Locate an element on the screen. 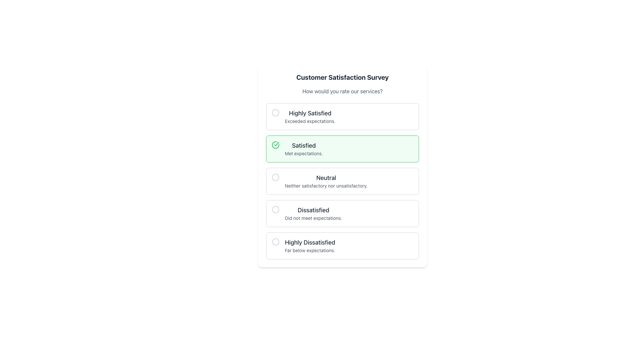 This screenshot has width=633, height=356. the segmented vertical radio group option in the Customer Satisfaction Survey is located at coordinates (342, 181).